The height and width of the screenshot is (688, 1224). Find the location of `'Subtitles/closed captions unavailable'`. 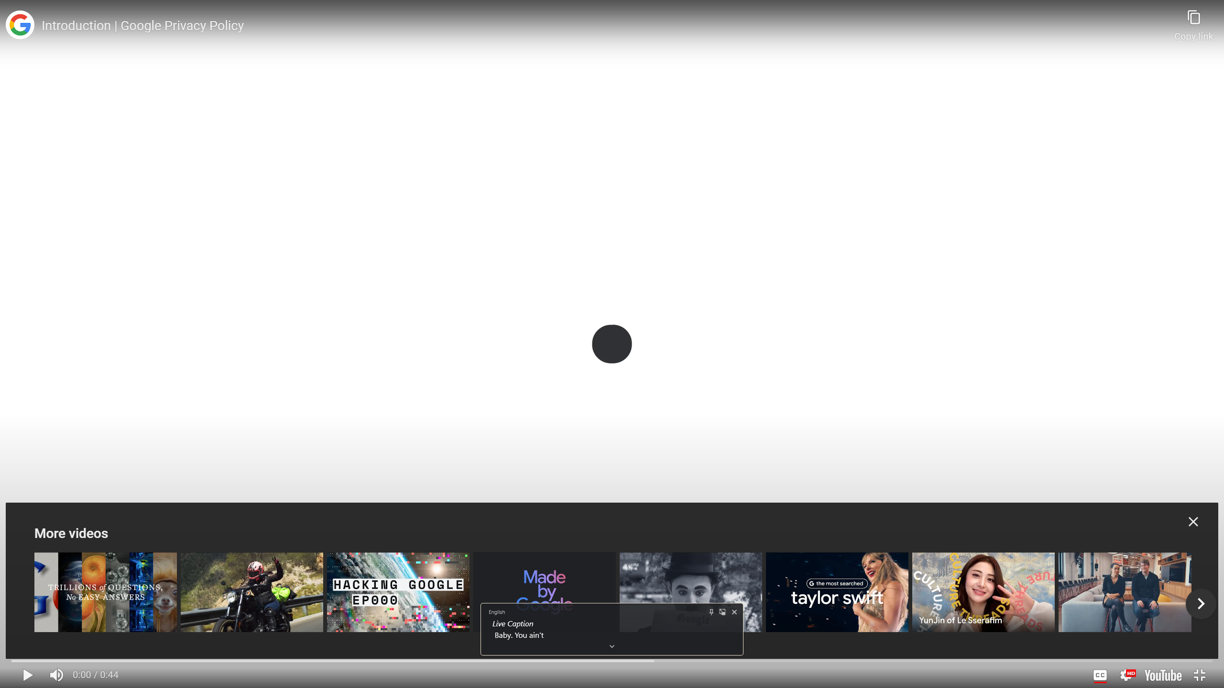

'Subtitles/closed captions unavailable' is located at coordinates (1099, 675).